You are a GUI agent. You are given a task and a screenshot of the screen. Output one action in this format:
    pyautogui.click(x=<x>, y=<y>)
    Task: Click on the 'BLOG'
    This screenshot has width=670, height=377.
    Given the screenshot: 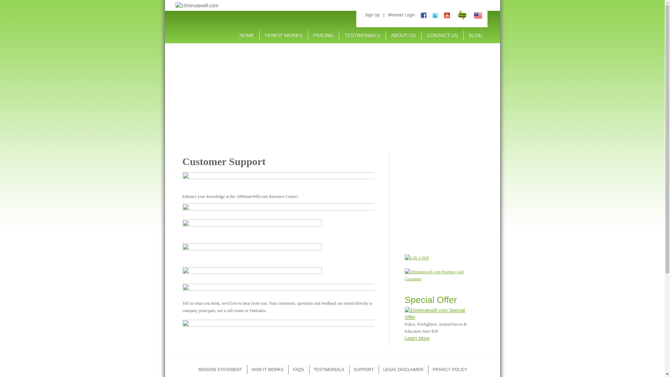 What is the action you would take?
    pyautogui.click(x=475, y=35)
    